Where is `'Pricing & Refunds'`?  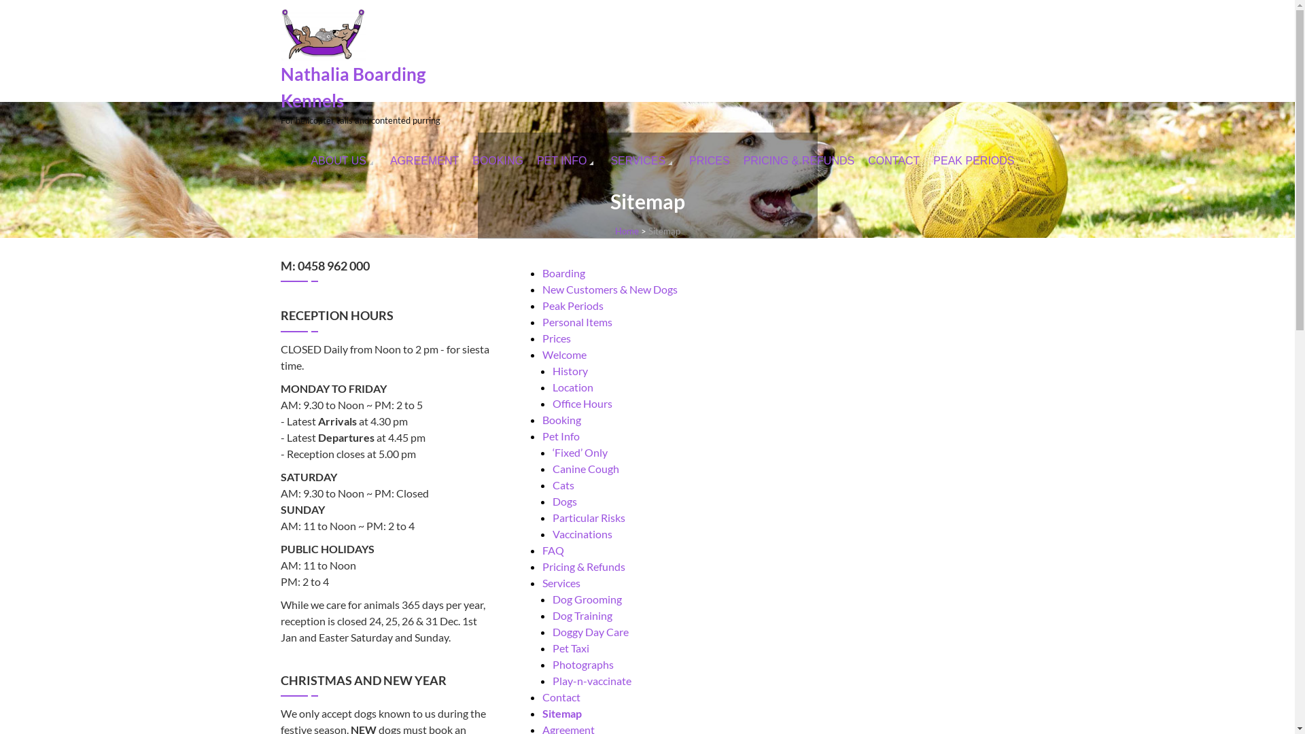 'Pricing & Refunds' is located at coordinates (584, 566).